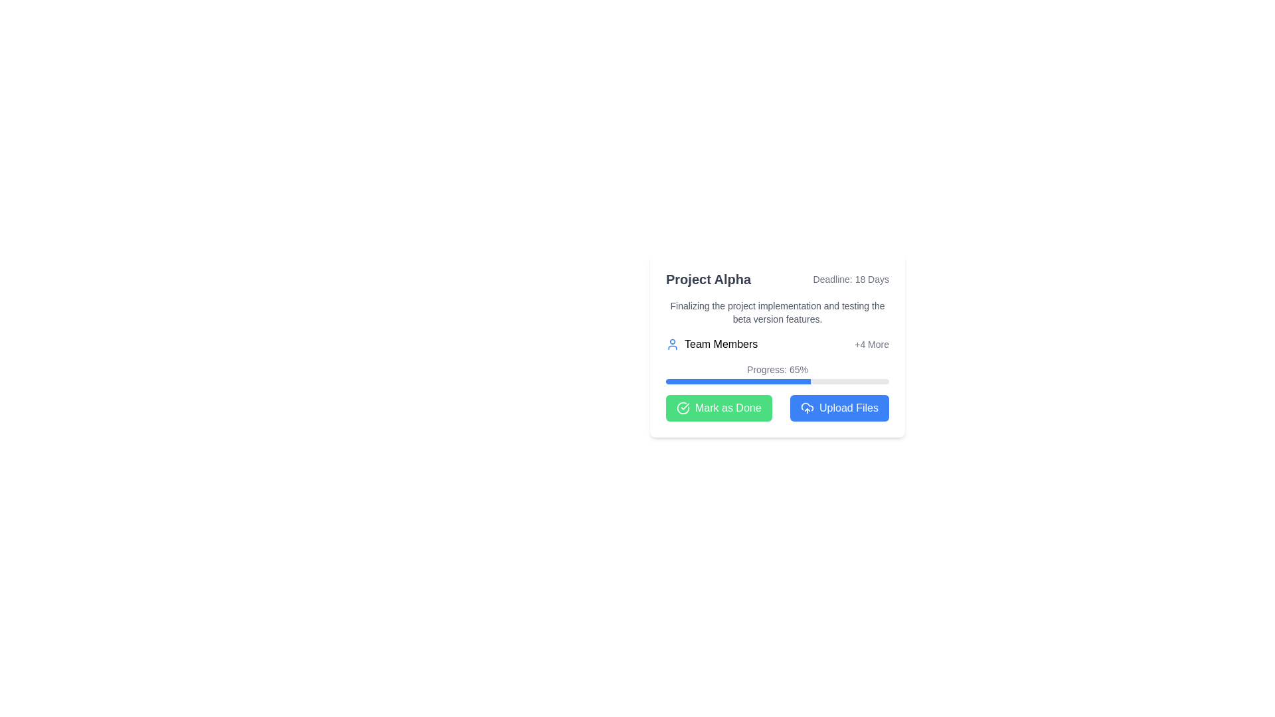  Describe the element at coordinates (683, 407) in the screenshot. I see `the circular, stroked line forming part of the checkmark icon located to the left of the 'Mark as Done' button` at that location.